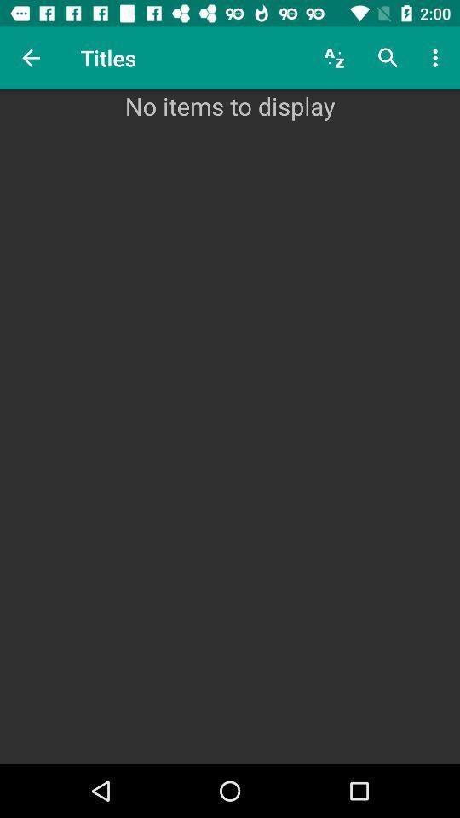 This screenshot has height=818, width=460. I want to click on the icon above the no items to icon, so click(31, 58).